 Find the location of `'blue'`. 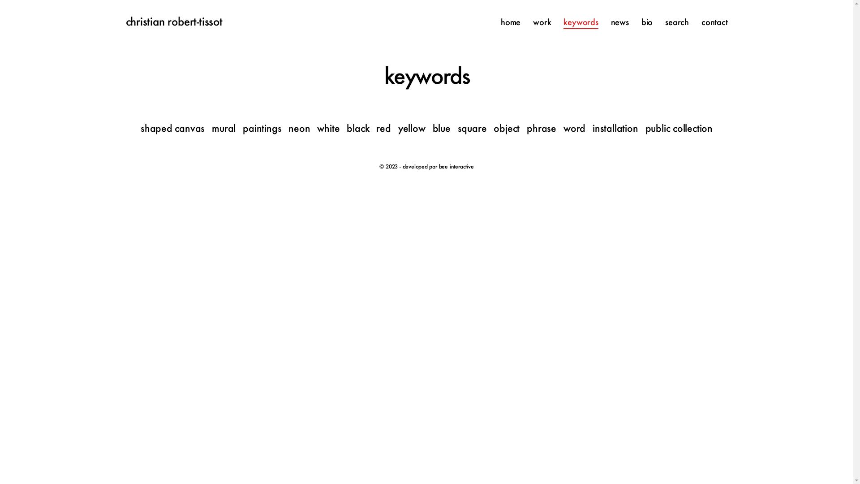

'blue' is located at coordinates (441, 128).